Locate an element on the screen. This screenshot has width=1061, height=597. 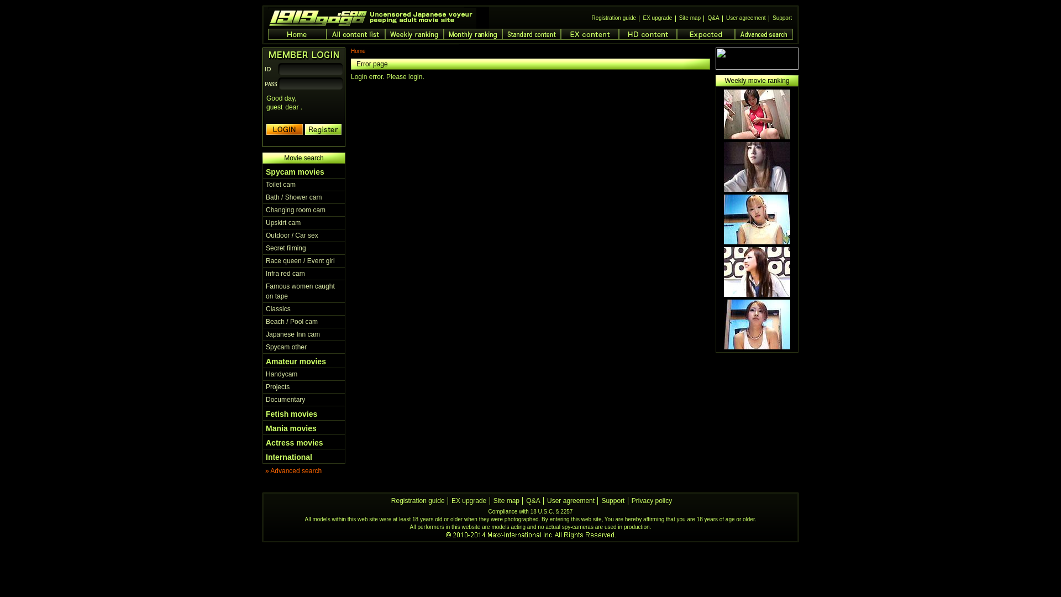
'Fetish movies' is located at coordinates (291, 413).